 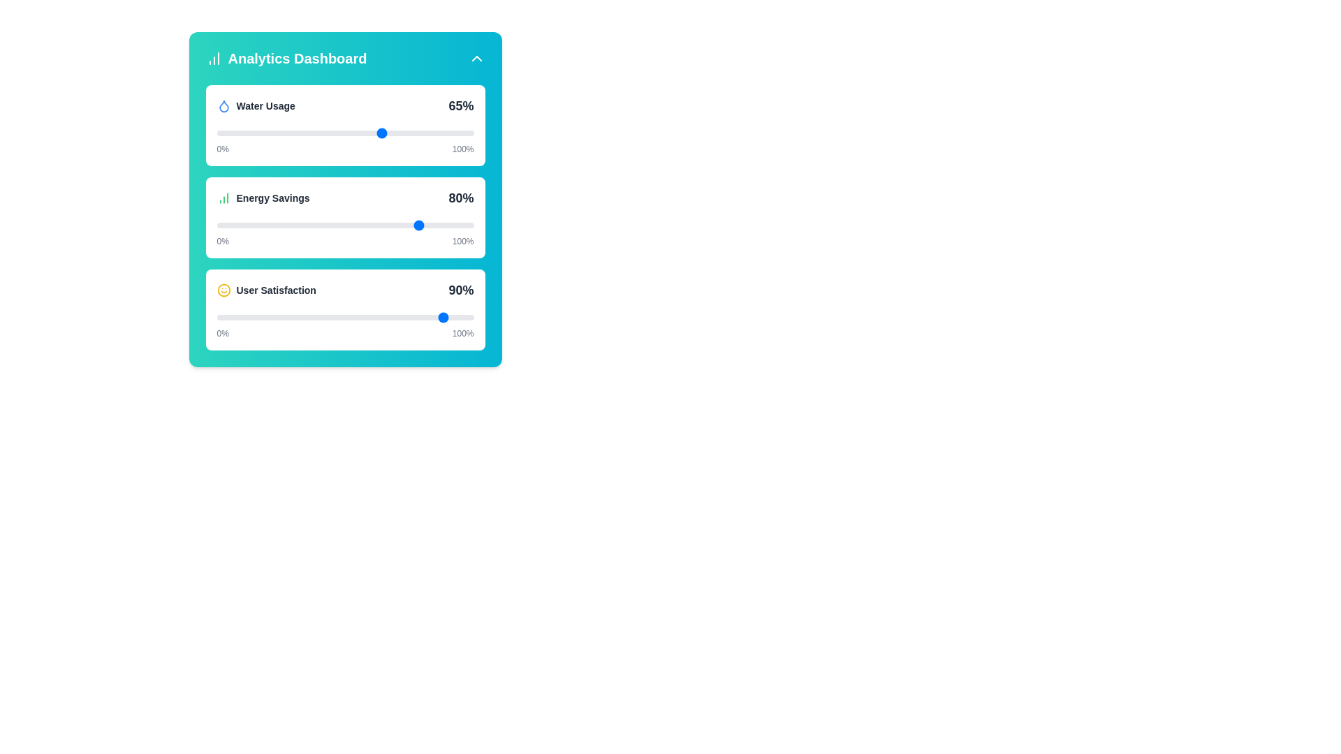 What do you see at coordinates (345, 149) in the screenshot?
I see `the static text label pair displaying '0%' and '100%' which is located at the bottom of the first card in the dashboard, directly below the '65%' slider` at bounding box center [345, 149].